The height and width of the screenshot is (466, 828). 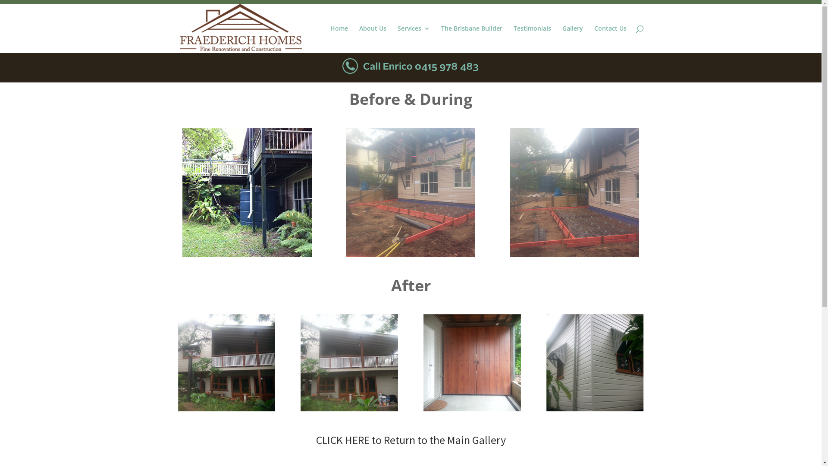 What do you see at coordinates (610, 39) in the screenshot?
I see `'Contact Us'` at bounding box center [610, 39].